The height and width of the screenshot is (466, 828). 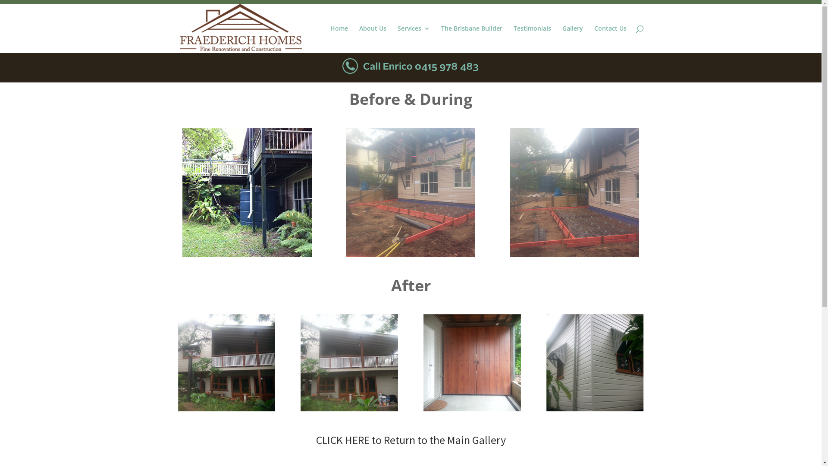 What do you see at coordinates (610, 39) in the screenshot?
I see `'Contact Us'` at bounding box center [610, 39].